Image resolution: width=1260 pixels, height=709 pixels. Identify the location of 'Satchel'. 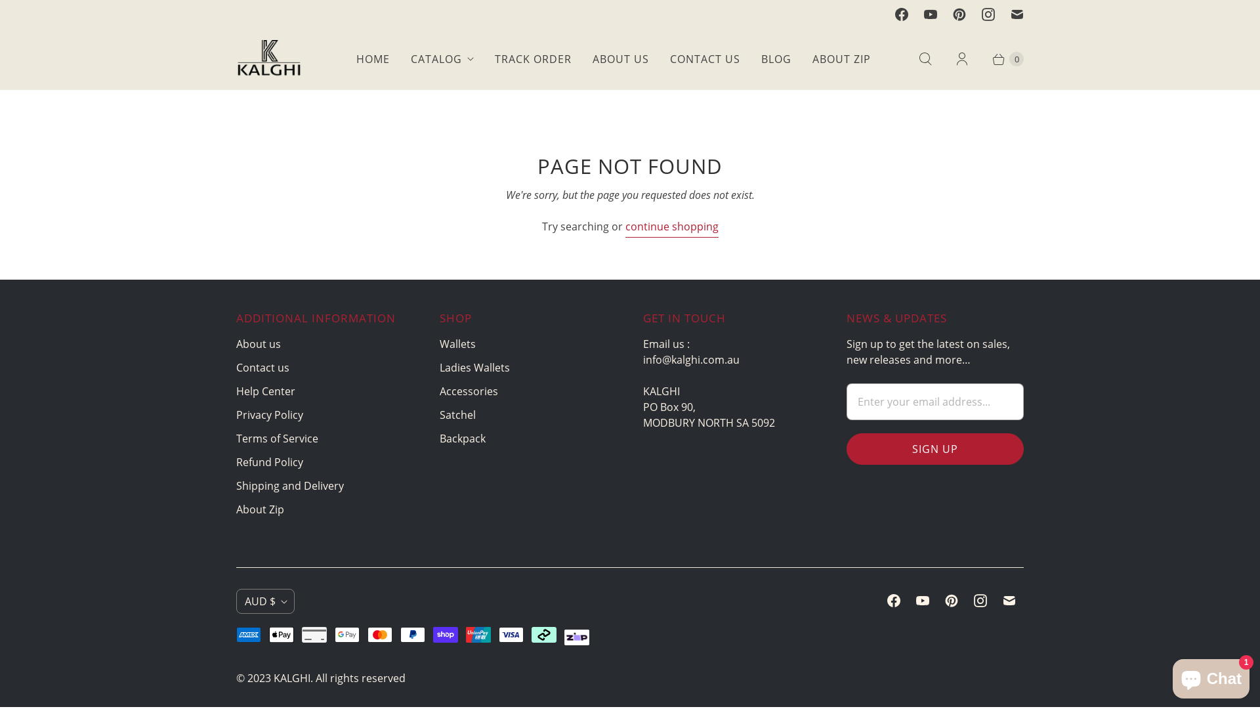
(440, 415).